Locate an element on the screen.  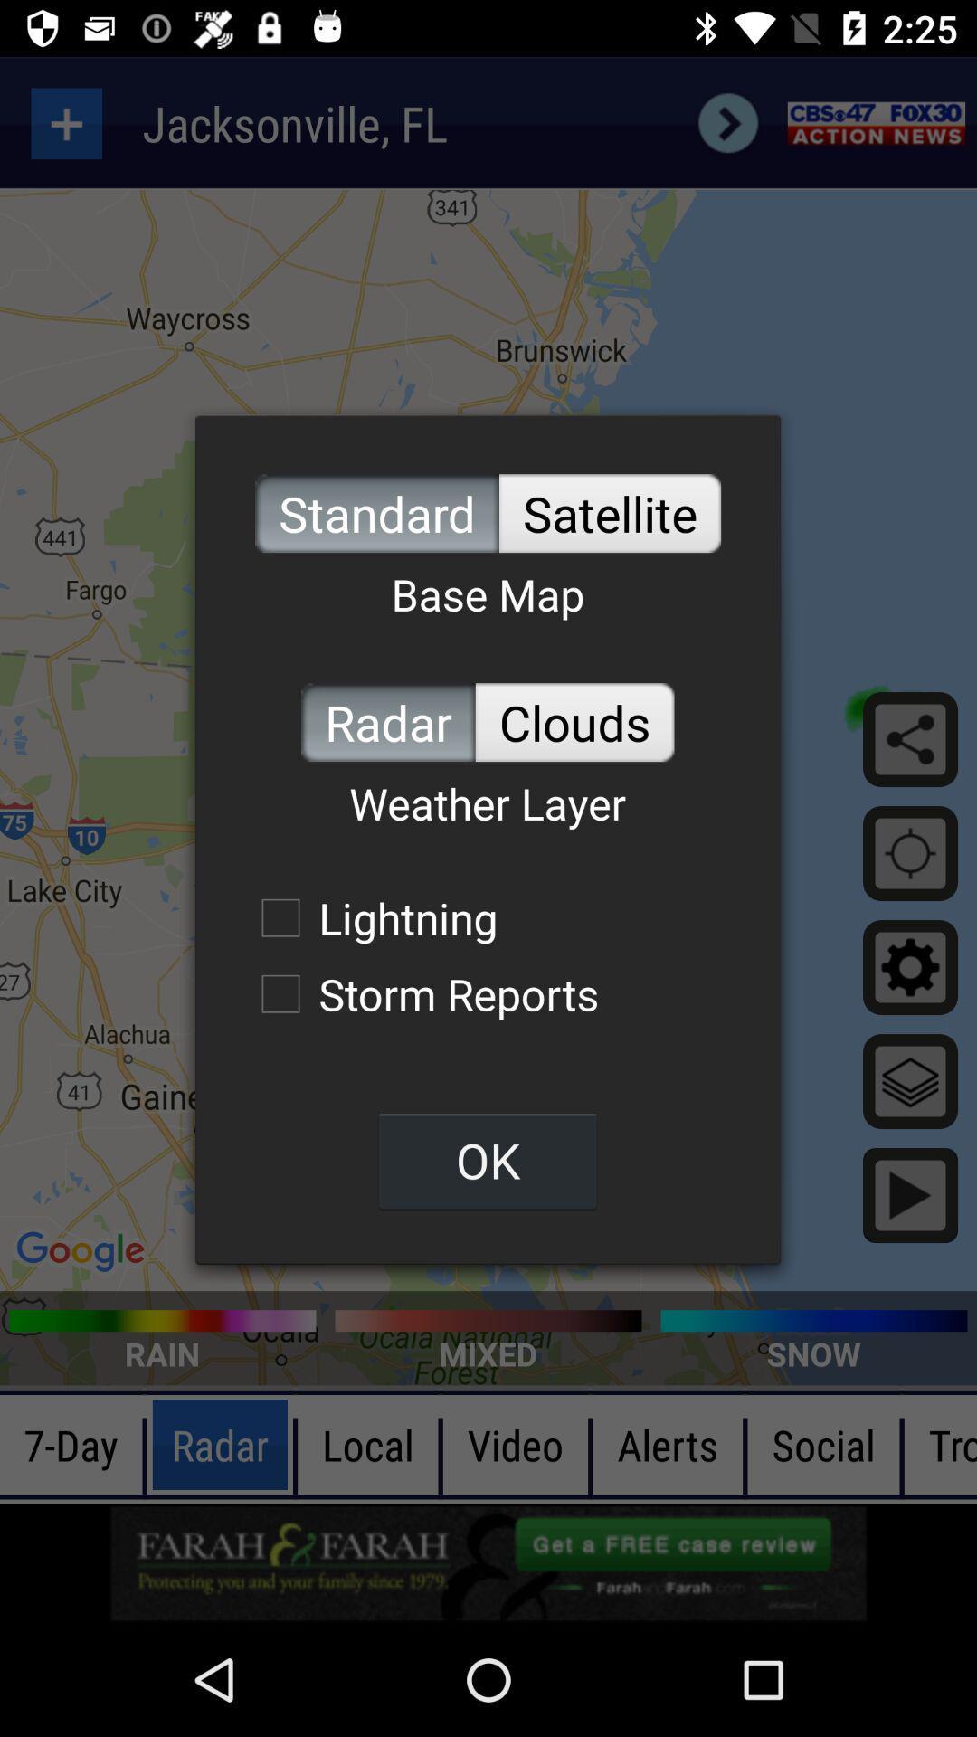
icon above the base map is located at coordinates (610, 512).